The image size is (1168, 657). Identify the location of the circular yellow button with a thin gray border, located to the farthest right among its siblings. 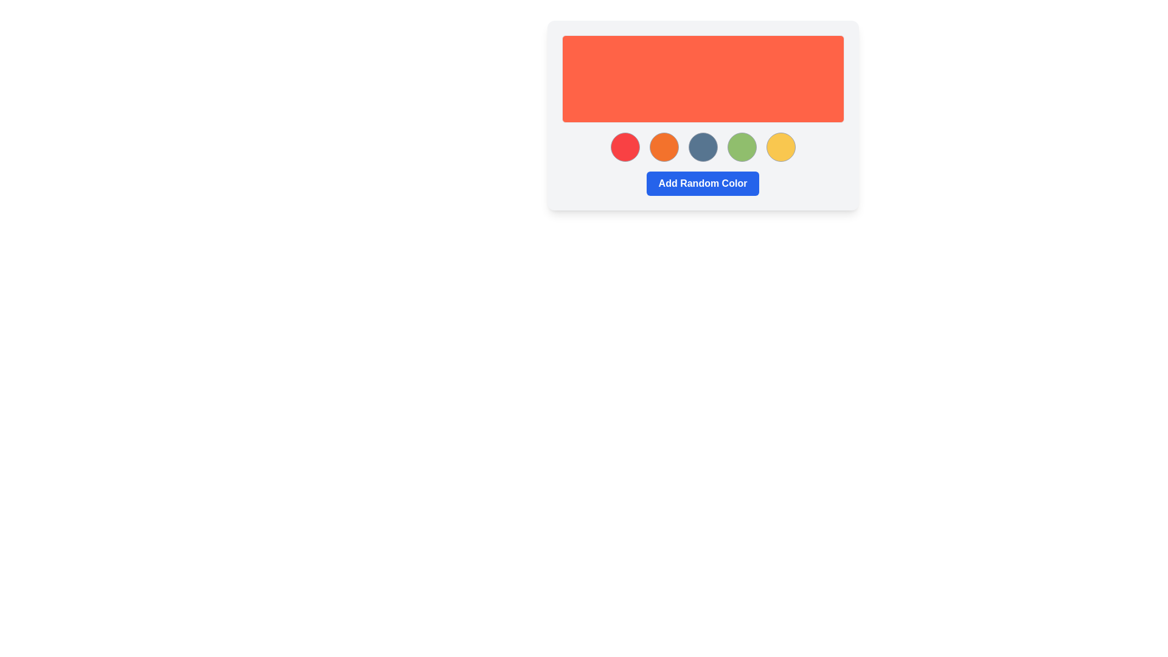
(780, 147).